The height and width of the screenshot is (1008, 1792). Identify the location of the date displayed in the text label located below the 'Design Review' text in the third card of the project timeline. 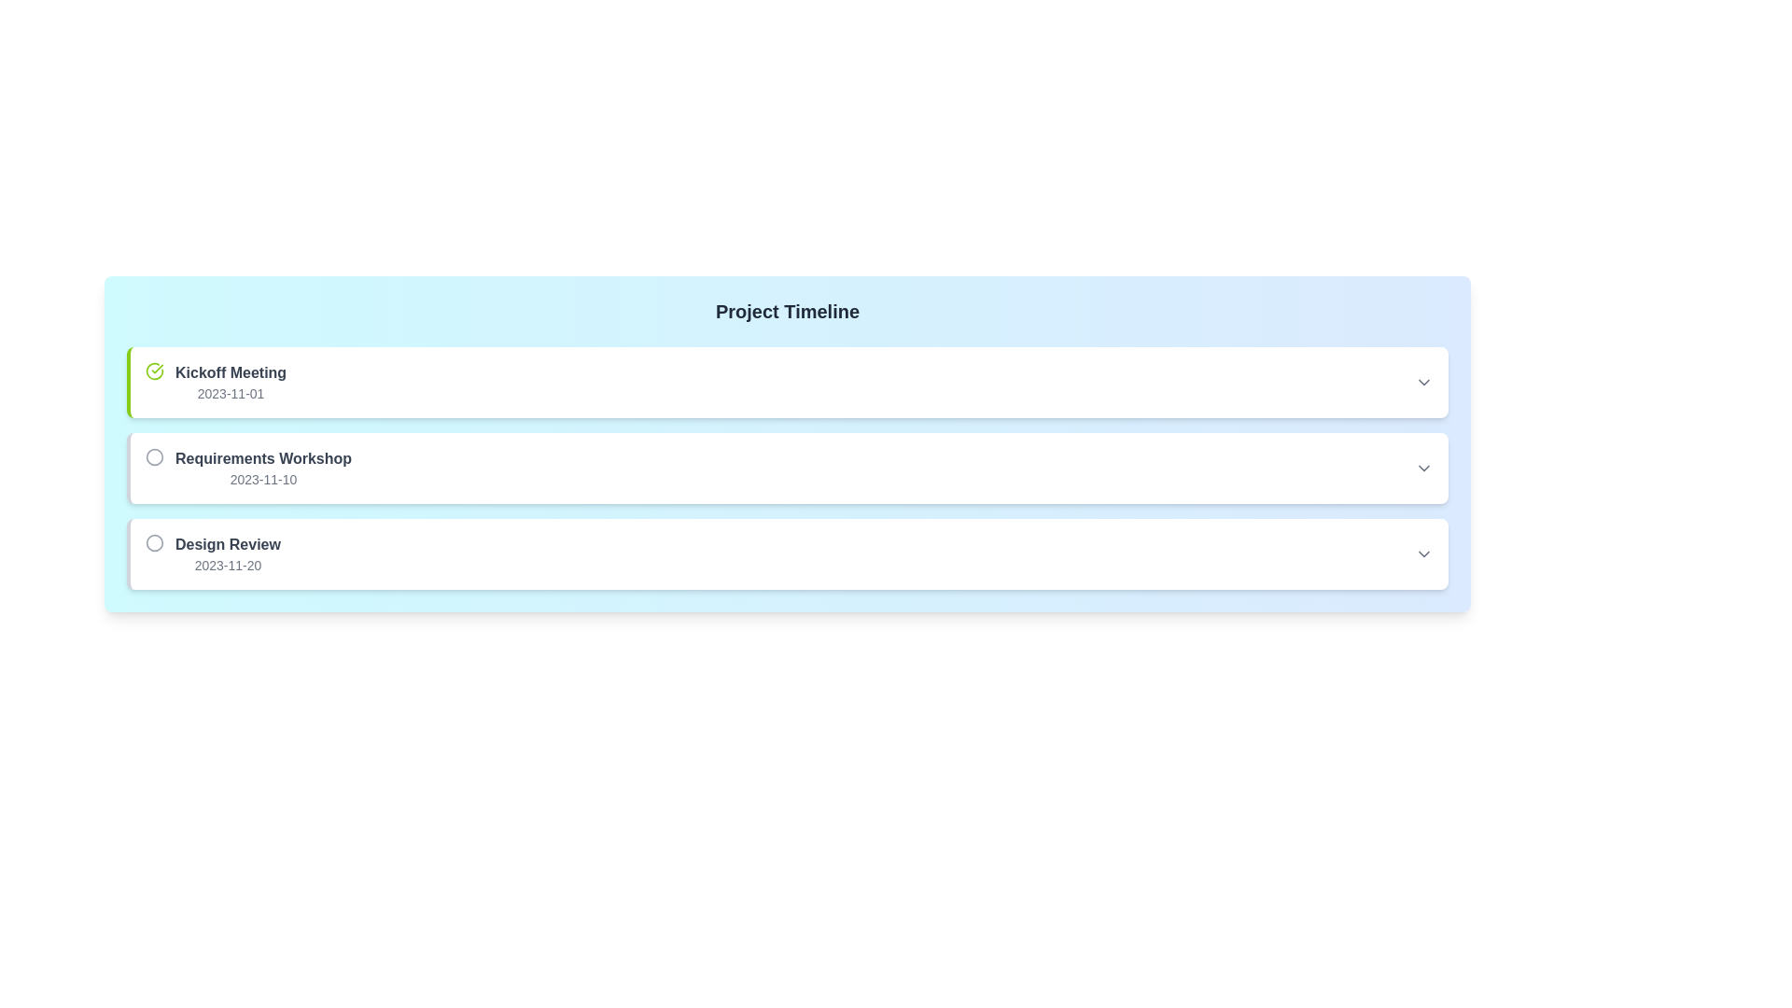
(227, 564).